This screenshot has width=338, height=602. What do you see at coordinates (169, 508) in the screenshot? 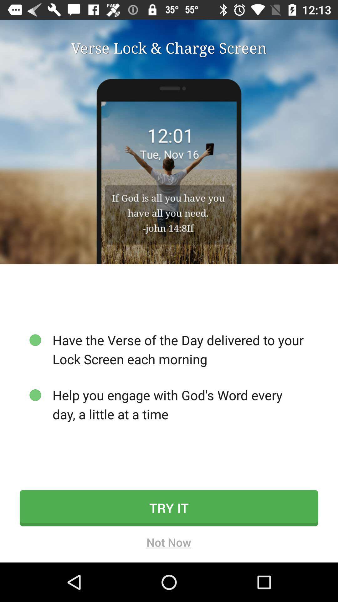
I see `the icon above not now icon` at bounding box center [169, 508].